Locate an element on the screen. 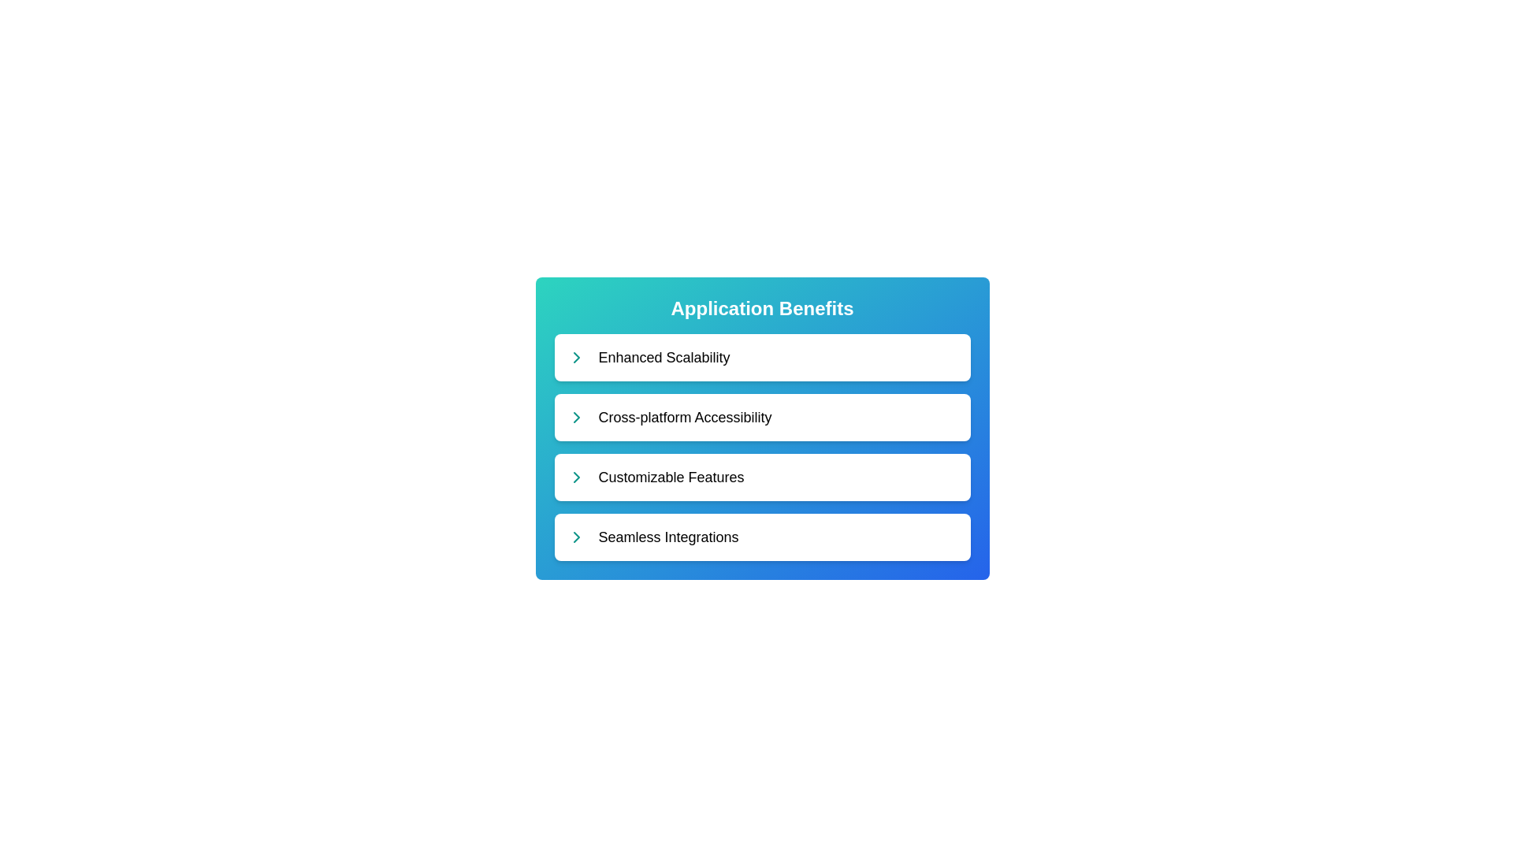  the right-facing chevron icon in the third row of the 'Customizable Features' options in the 'Application Benefits' section, which indicates navigation or interaction is located at coordinates (575, 476).